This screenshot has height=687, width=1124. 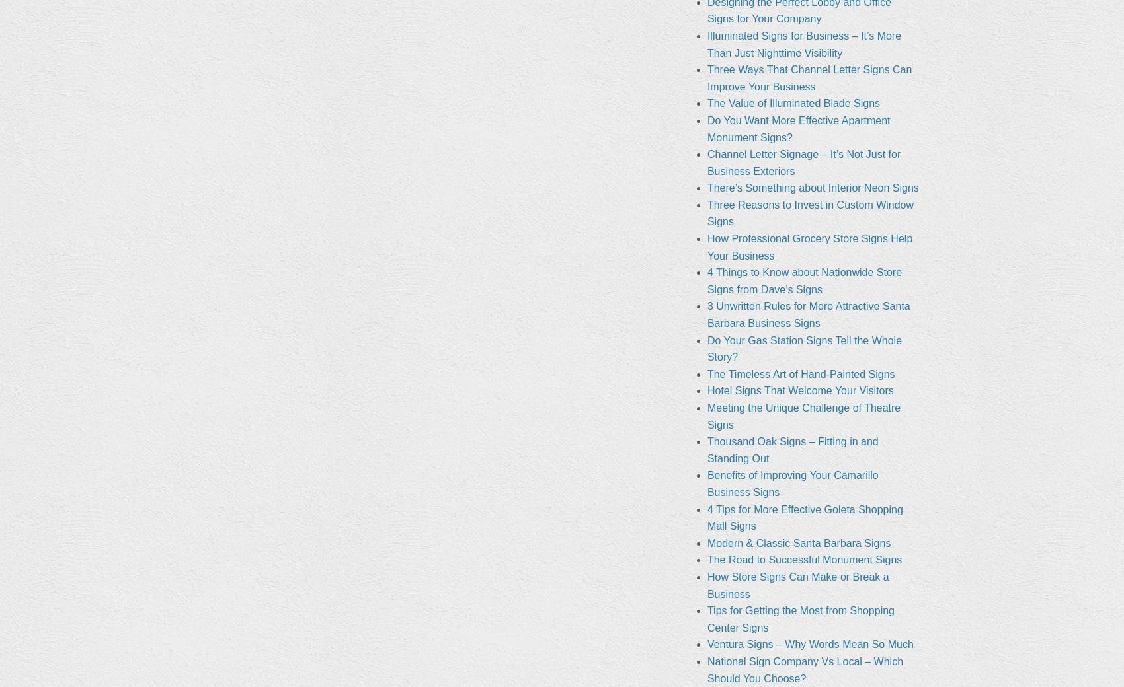 What do you see at coordinates (706, 584) in the screenshot?
I see `'How Store Signs Can Make or Break a Business'` at bounding box center [706, 584].